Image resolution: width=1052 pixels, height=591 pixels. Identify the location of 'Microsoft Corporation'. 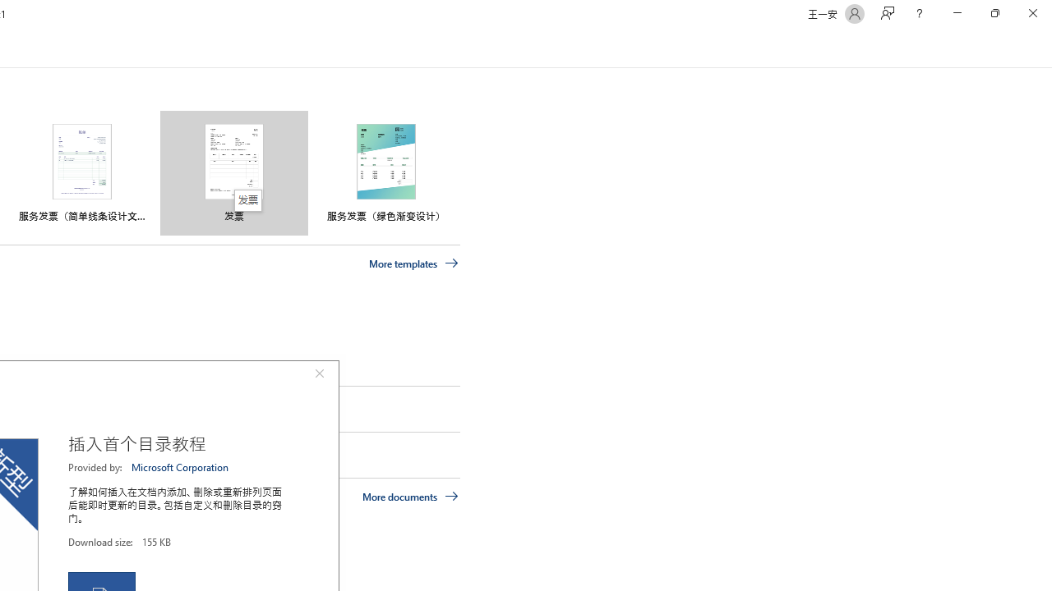
(181, 467).